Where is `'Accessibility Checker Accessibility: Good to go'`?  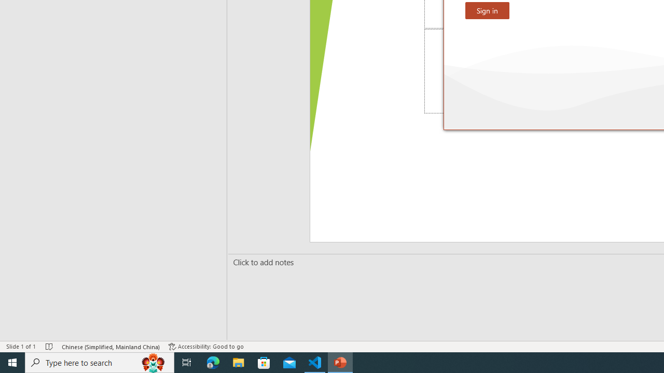 'Accessibility Checker Accessibility: Good to go' is located at coordinates (206, 347).